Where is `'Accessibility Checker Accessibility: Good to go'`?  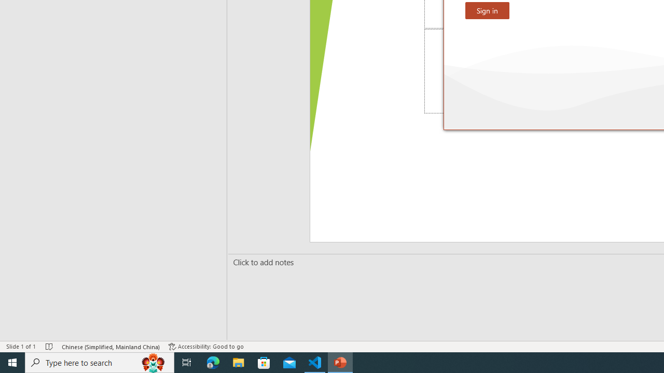 'Accessibility Checker Accessibility: Good to go' is located at coordinates (206, 347).